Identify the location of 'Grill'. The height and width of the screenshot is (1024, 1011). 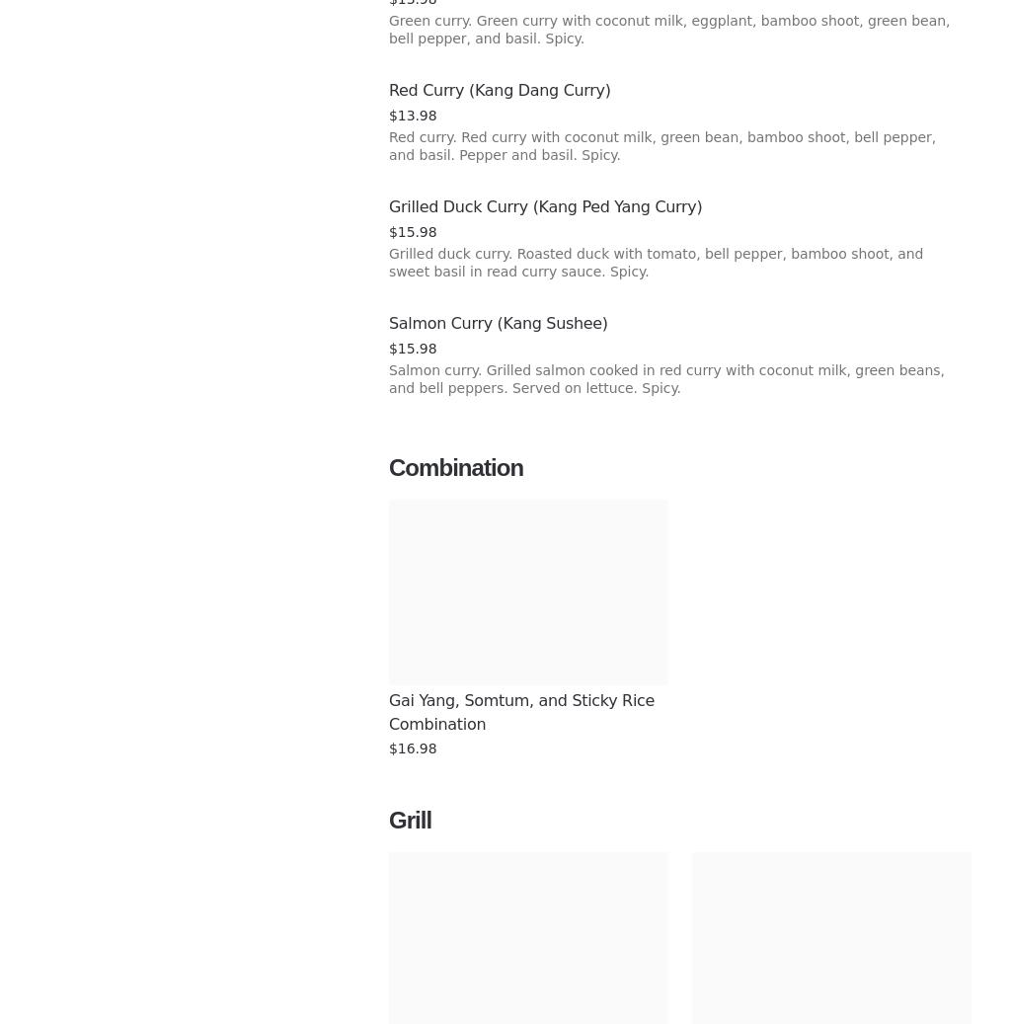
(409, 820).